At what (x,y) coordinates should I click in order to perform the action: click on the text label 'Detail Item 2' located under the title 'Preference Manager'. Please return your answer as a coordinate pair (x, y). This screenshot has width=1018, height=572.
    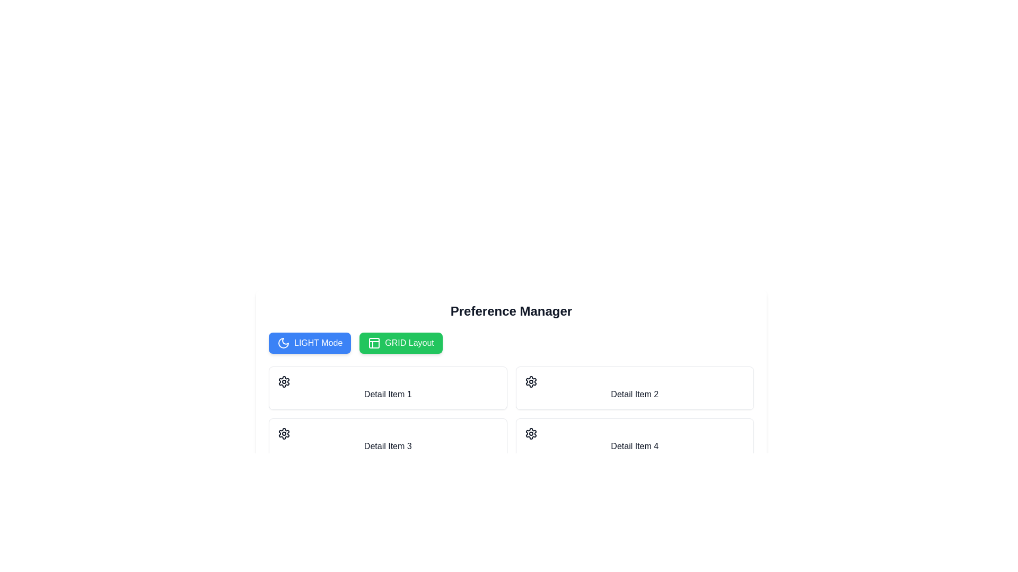
    Looking at the image, I should click on (635, 394).